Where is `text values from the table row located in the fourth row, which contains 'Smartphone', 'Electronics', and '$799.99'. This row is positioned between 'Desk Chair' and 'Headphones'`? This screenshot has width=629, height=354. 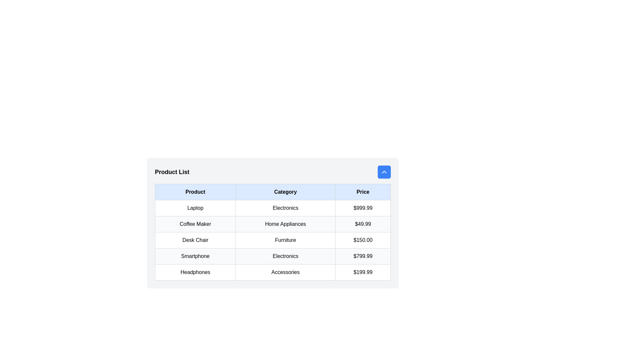
text values from the table row located in the fourth row, which contains 'Smartphone', 'Electronics', and '$799.99'. This row is positioned between 'Desk Chair' and 'Headphones' is located at coordinates (273, 256).